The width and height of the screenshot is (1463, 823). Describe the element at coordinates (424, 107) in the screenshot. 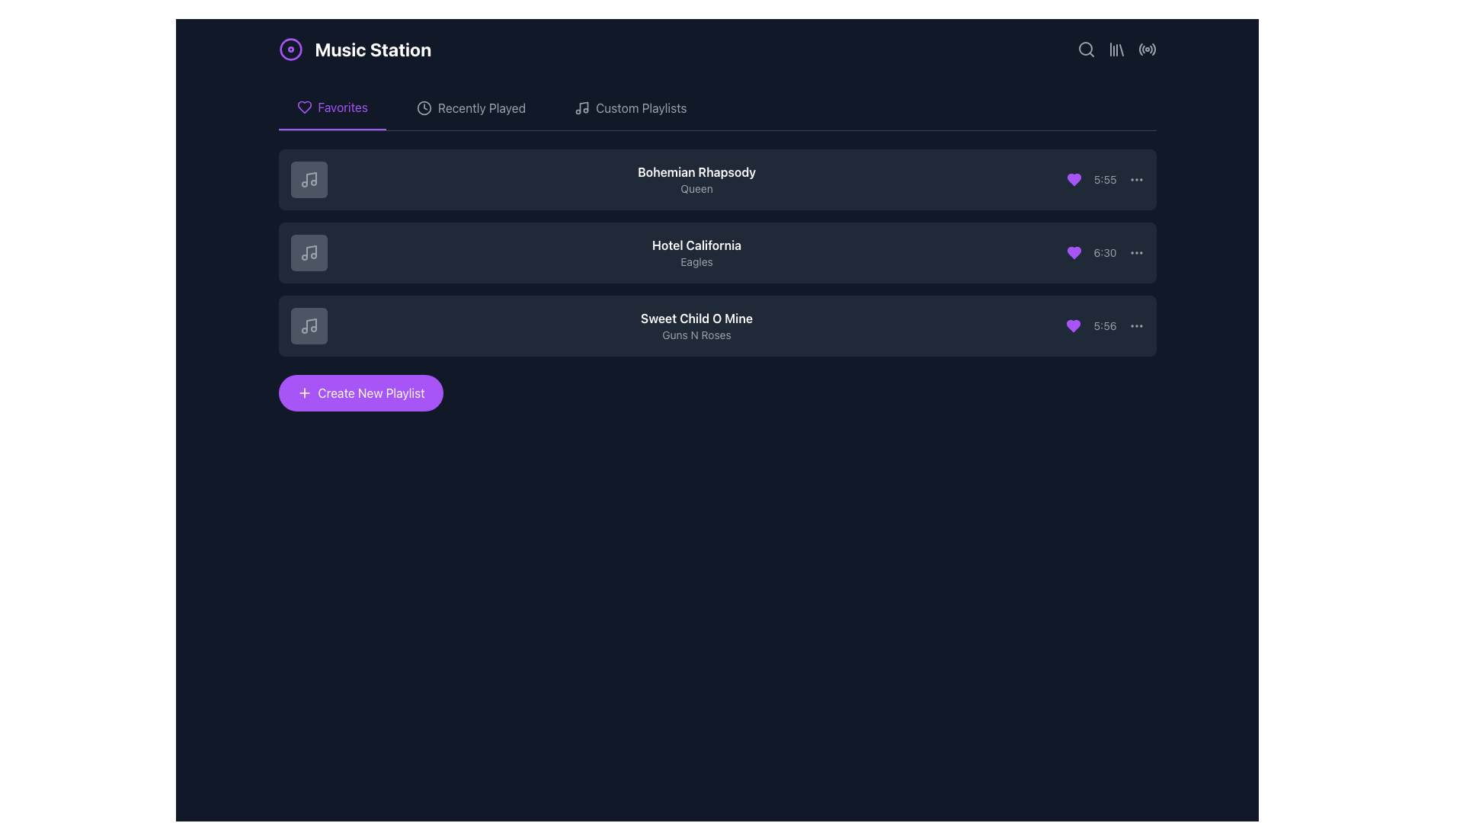

I see `the 'Recently Played' icon located in the header navigation bar, positioned immediately to the left of the 'Recently Played' text label` at that location.